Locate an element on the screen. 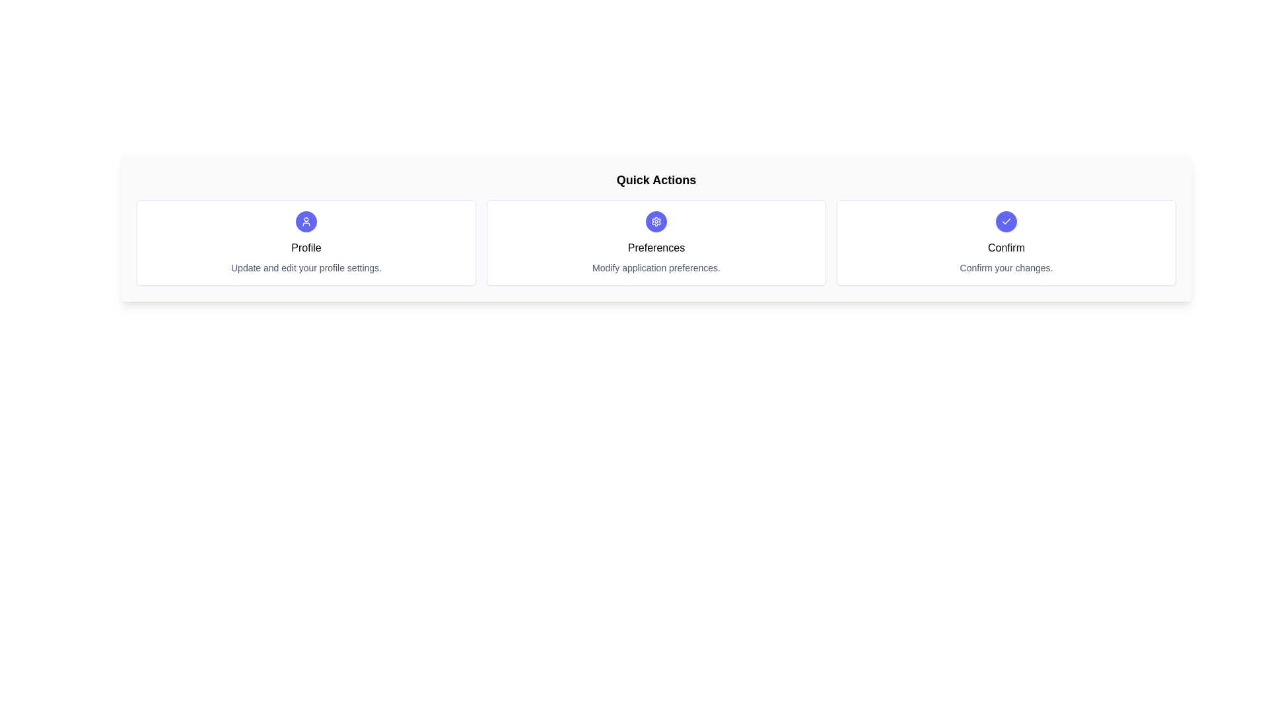  the chip labeled Profile to select it is located at coordinates (306, 242).